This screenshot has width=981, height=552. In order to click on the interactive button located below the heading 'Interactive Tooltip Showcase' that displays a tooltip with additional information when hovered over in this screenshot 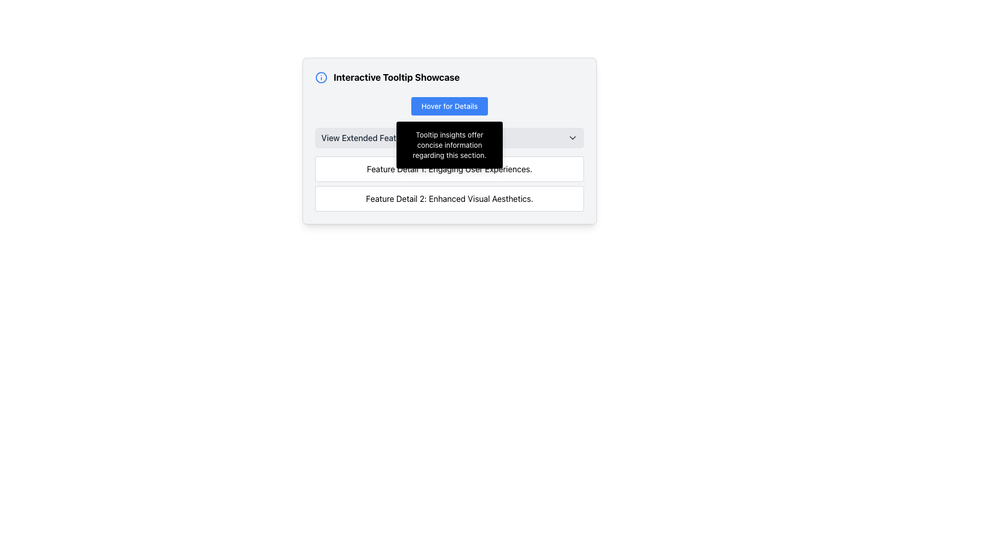, I will do `click(449, 106)`.